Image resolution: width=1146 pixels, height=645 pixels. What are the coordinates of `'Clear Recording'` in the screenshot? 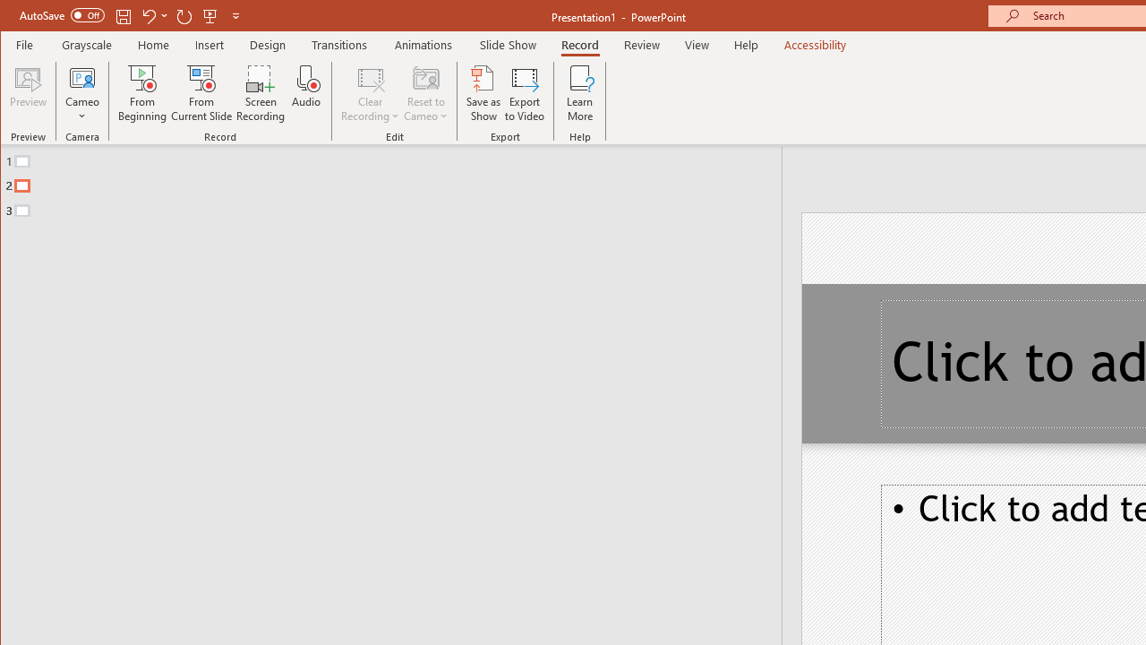 It's located at (370, 93).